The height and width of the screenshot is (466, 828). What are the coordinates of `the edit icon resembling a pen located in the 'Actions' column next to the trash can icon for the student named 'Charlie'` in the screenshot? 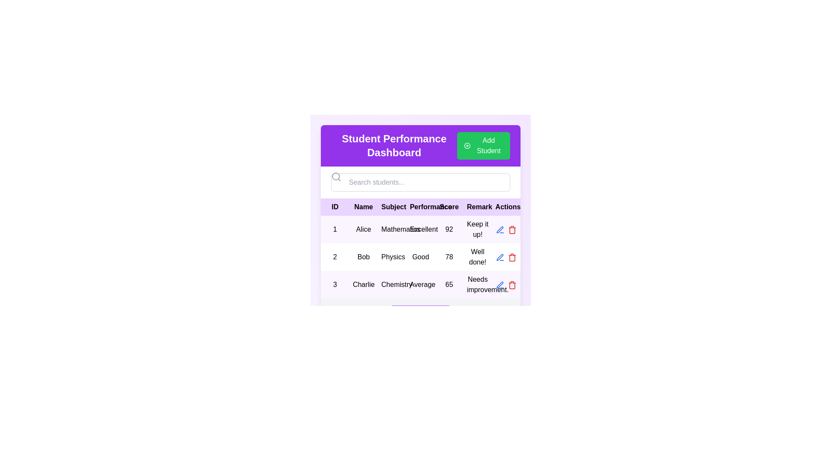 It's located at (500, 257).